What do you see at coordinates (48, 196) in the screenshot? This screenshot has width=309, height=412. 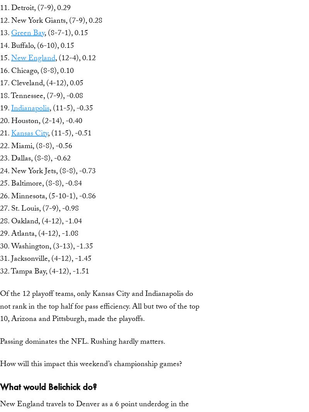 I see `'26. Minnesota, (5-10-1), -0.86'` at bounding box center [48, 196].